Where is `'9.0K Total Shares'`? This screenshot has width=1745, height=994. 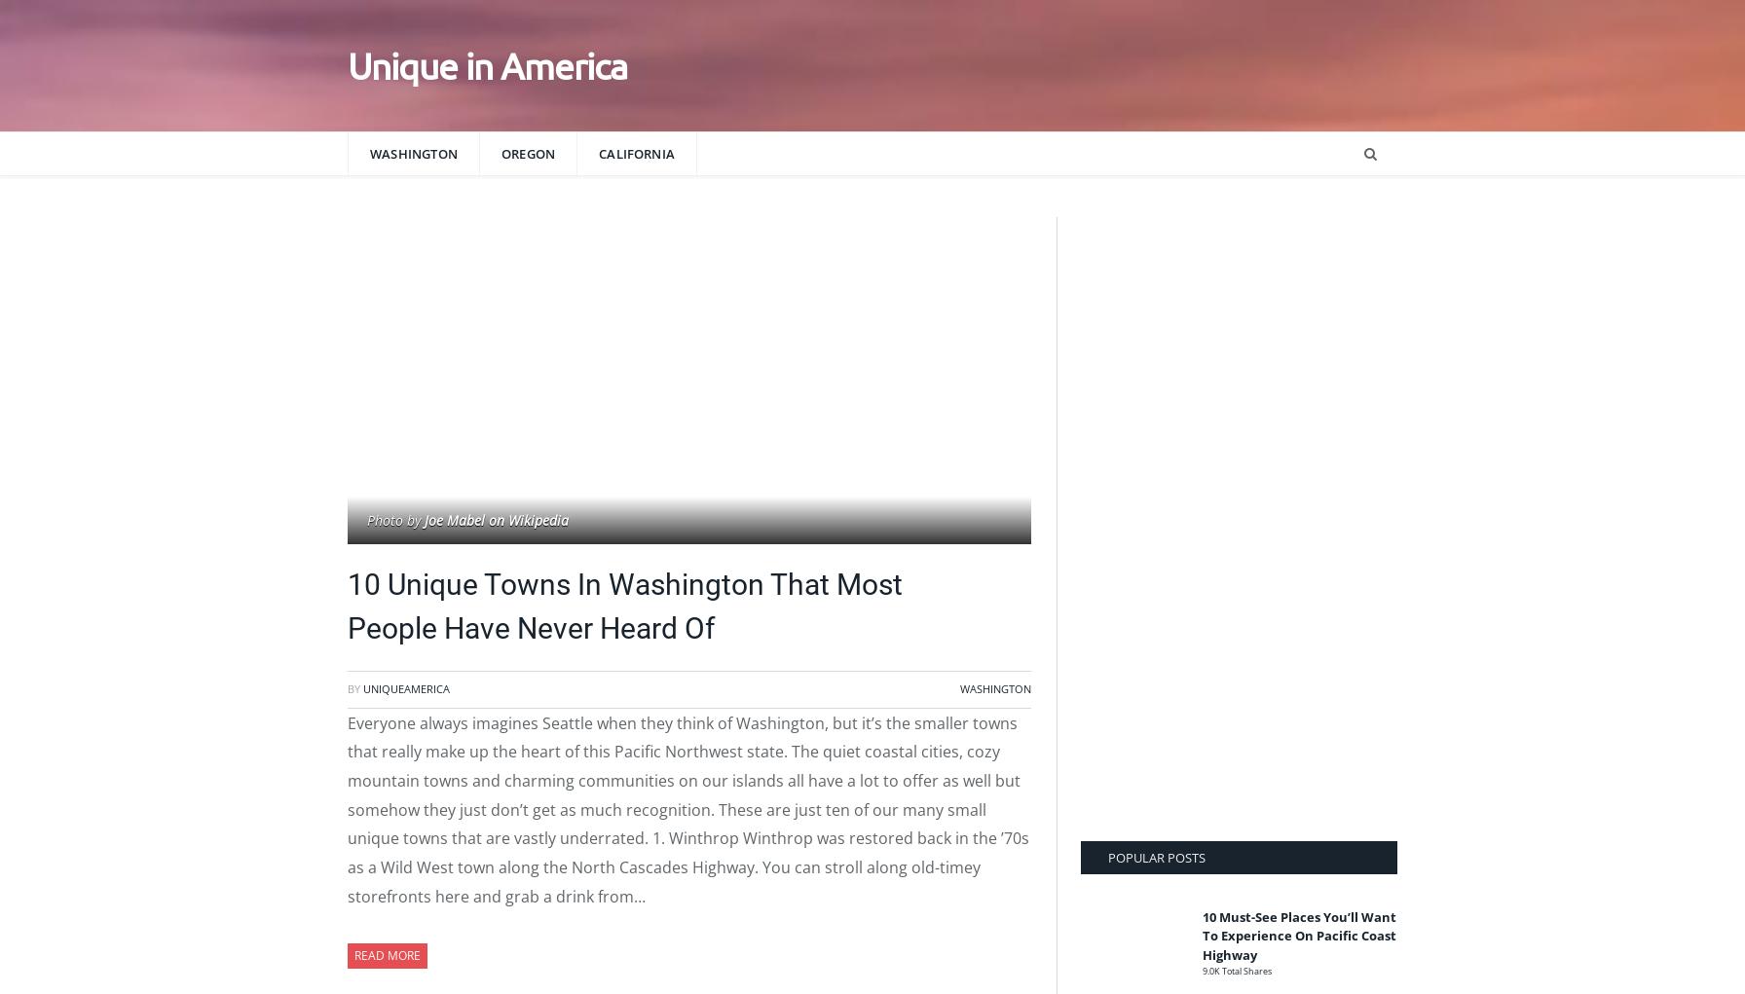
'9.0K Total Shares' is located at coordinates (1237, 971).